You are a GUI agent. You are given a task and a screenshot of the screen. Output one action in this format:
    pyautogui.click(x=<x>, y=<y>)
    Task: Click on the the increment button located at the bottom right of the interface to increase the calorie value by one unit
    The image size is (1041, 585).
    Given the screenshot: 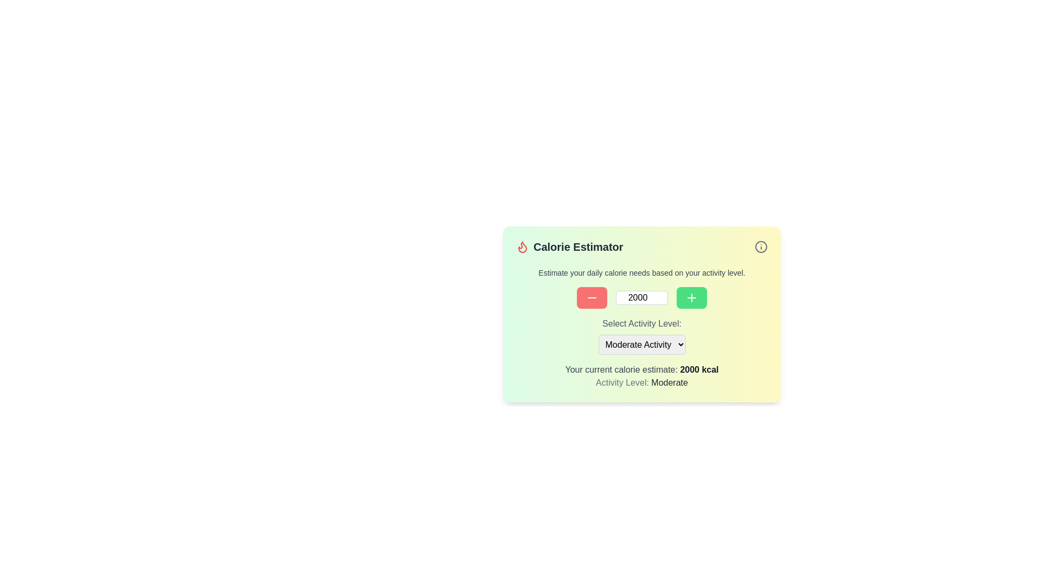 What is the action you would take?
    pyautogui.click(x=691, y=298)
    